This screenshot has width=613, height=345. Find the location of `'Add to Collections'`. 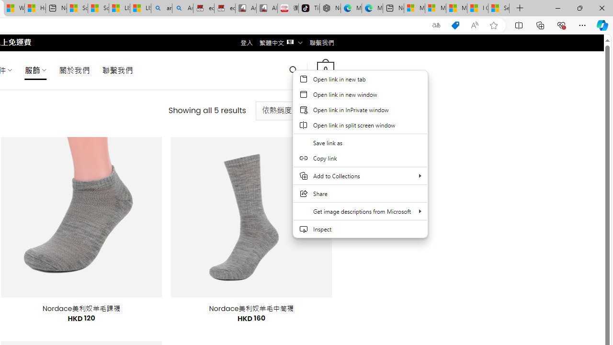

'Add to Collections' is located at coordinates (360, 176).